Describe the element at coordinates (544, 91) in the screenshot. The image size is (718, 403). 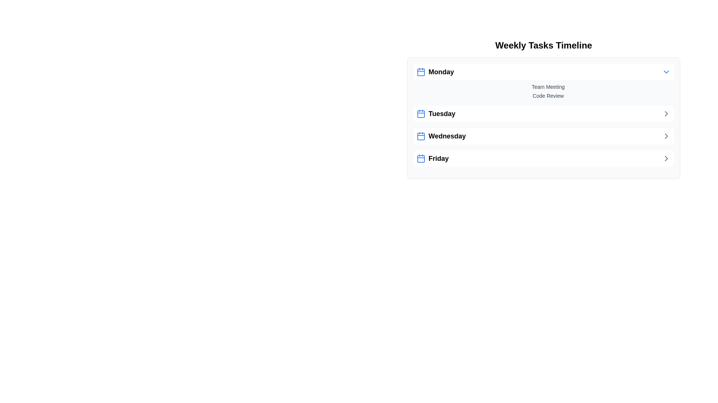
I see `the list item containing the text 'Team Meeting' and 'Code Review' located under the 'Monday' header` at that location.